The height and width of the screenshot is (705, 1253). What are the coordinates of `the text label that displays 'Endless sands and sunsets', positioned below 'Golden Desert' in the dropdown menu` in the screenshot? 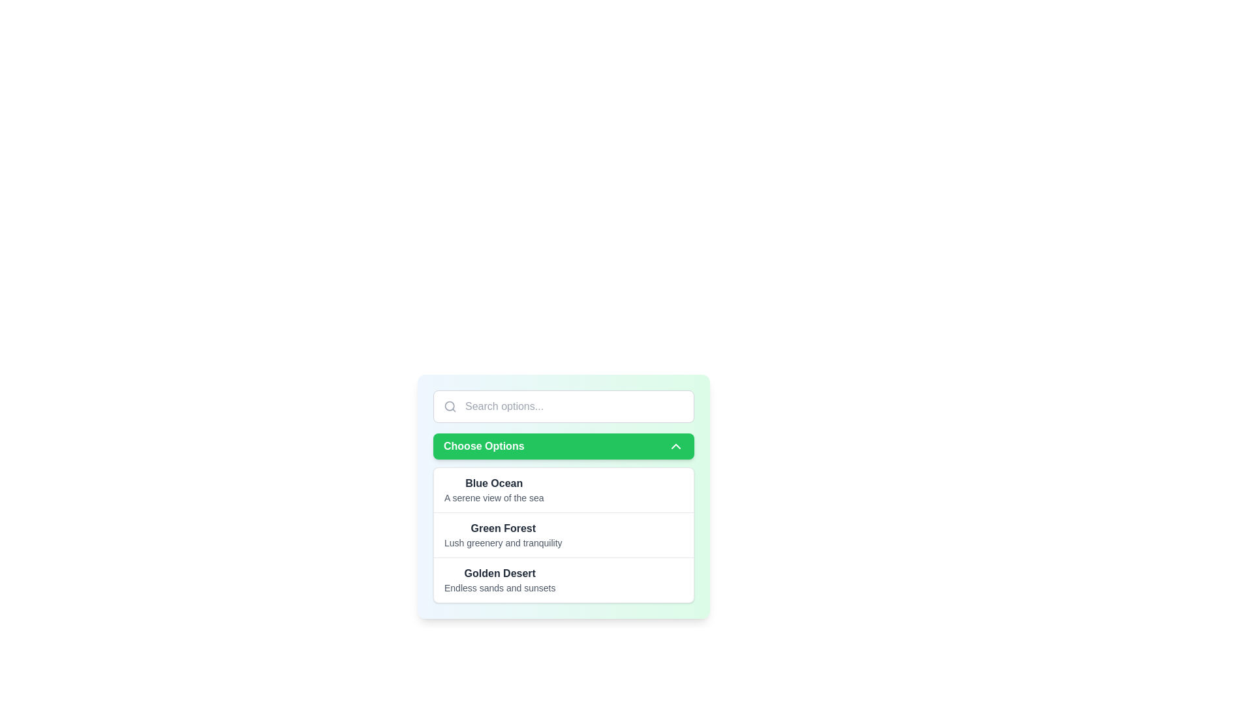 It's located at (499, 588).